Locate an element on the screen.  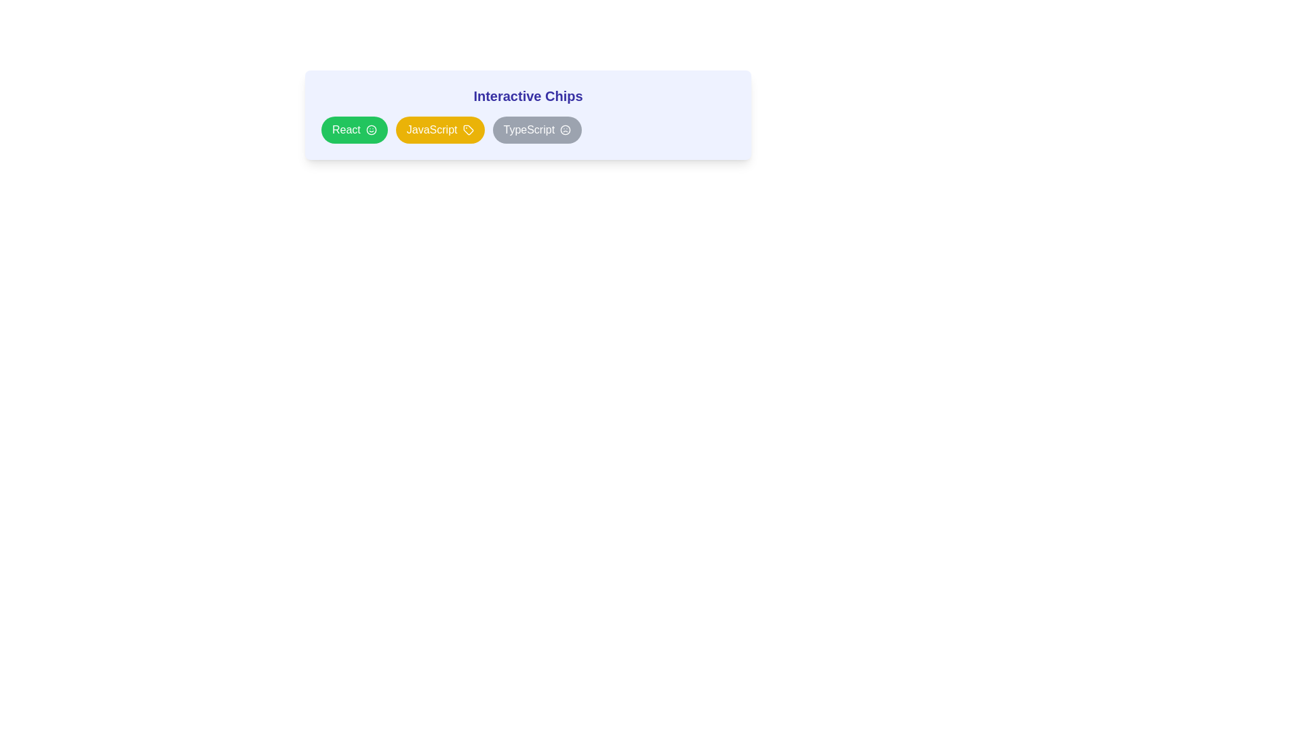
the SVG icon resembling a tag symbol, which is styled with a white stroke-only outline on a yellow background, positioned to the right of the 'JavaScript' chip is located at coordinates (468, 130).